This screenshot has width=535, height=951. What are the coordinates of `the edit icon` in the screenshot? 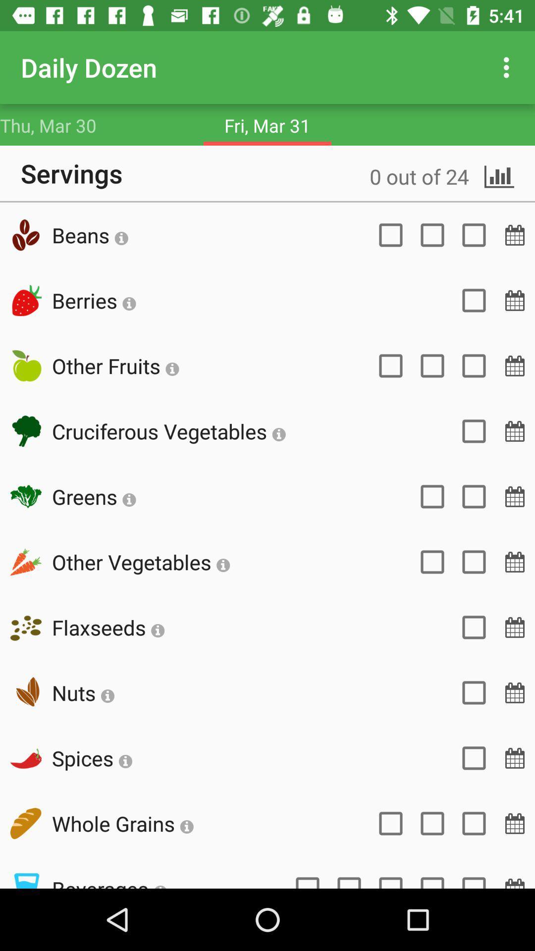 It's located at (25, 562).